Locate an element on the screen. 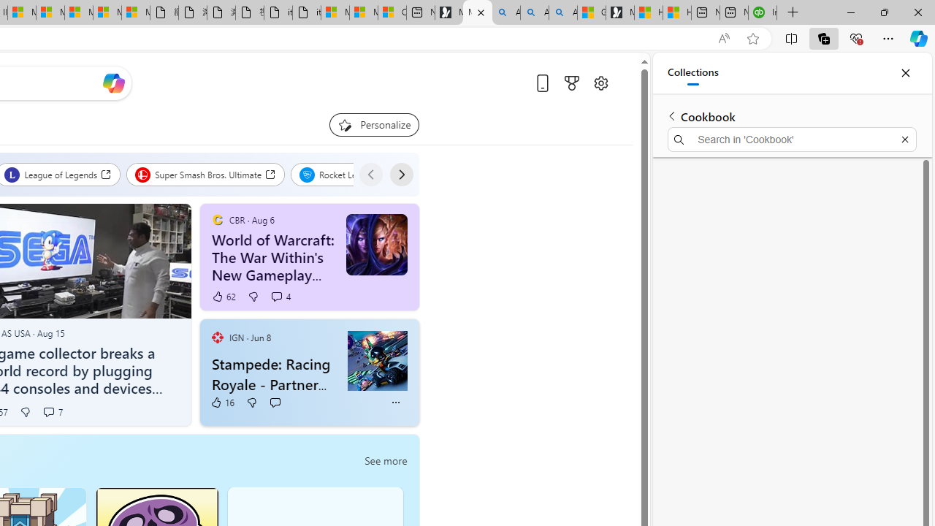 The image size is (935, 526). 'Intuit QuickBooks Online - Quickbooks' is located at coordinates (762, 12).